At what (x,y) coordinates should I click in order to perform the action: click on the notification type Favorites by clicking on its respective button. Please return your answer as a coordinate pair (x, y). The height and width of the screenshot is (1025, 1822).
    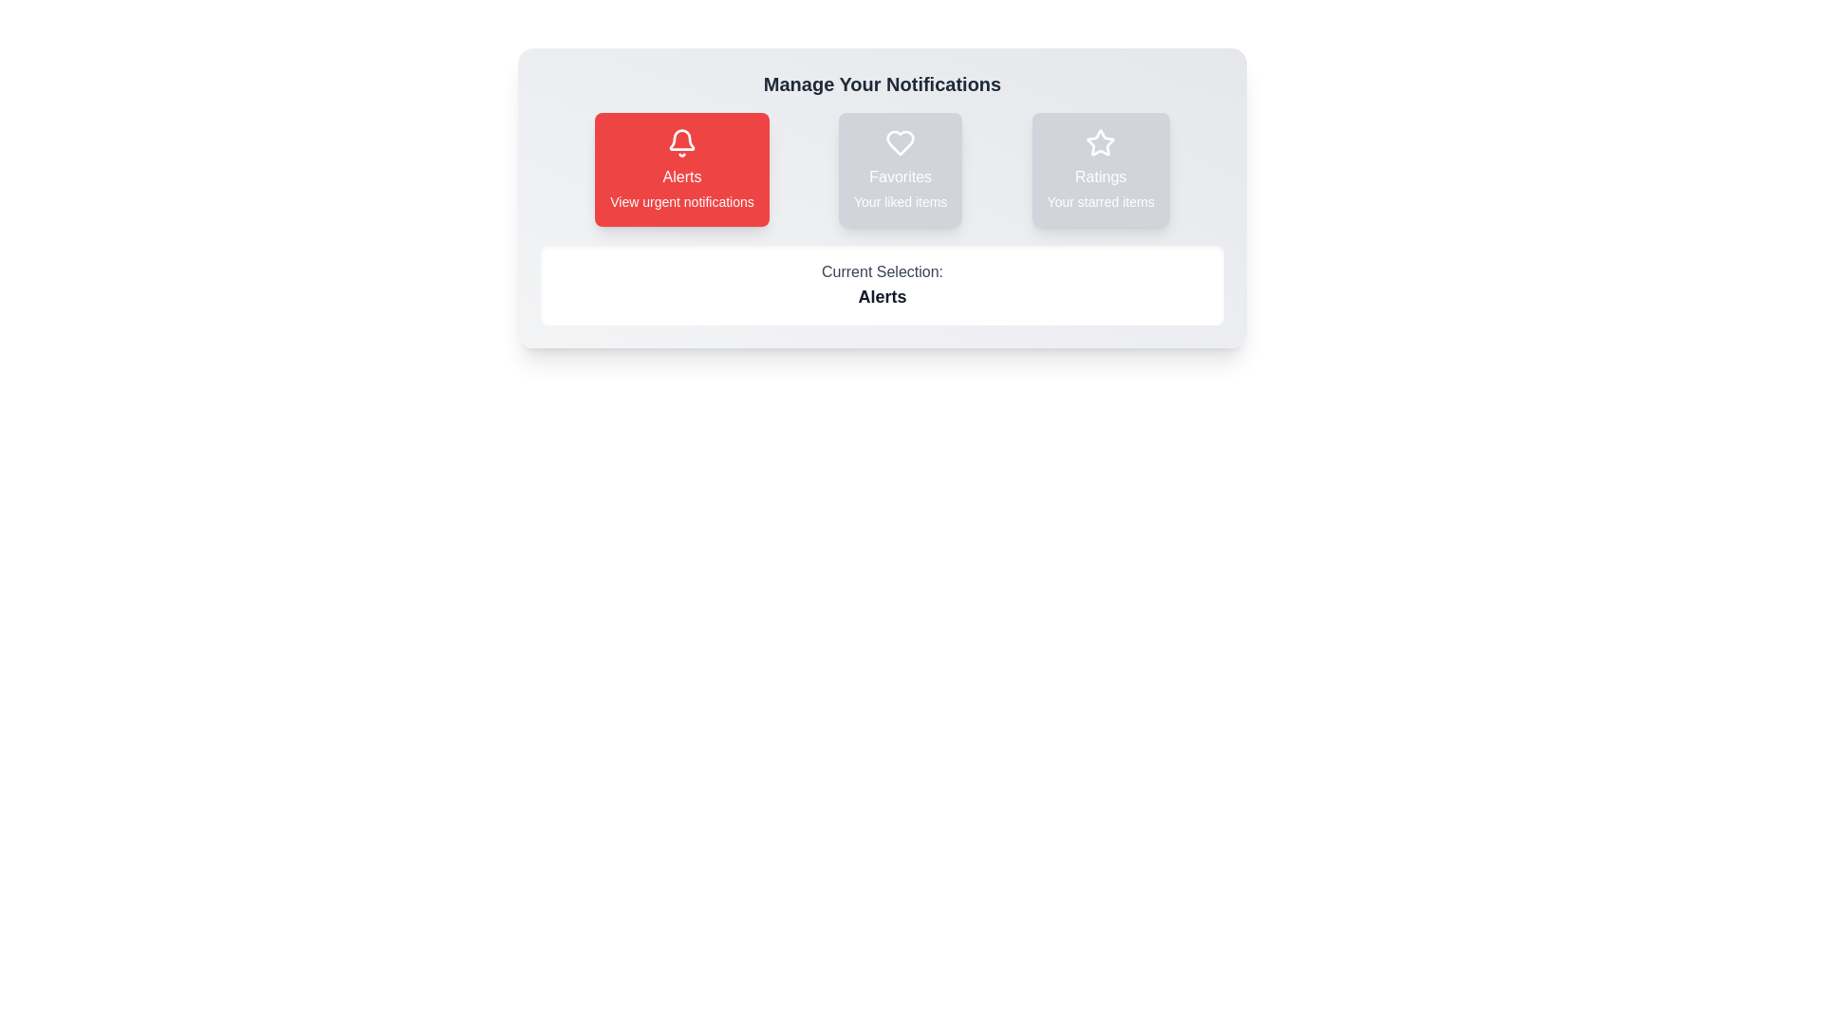
    Looking at the image, I should click on (900, 168).